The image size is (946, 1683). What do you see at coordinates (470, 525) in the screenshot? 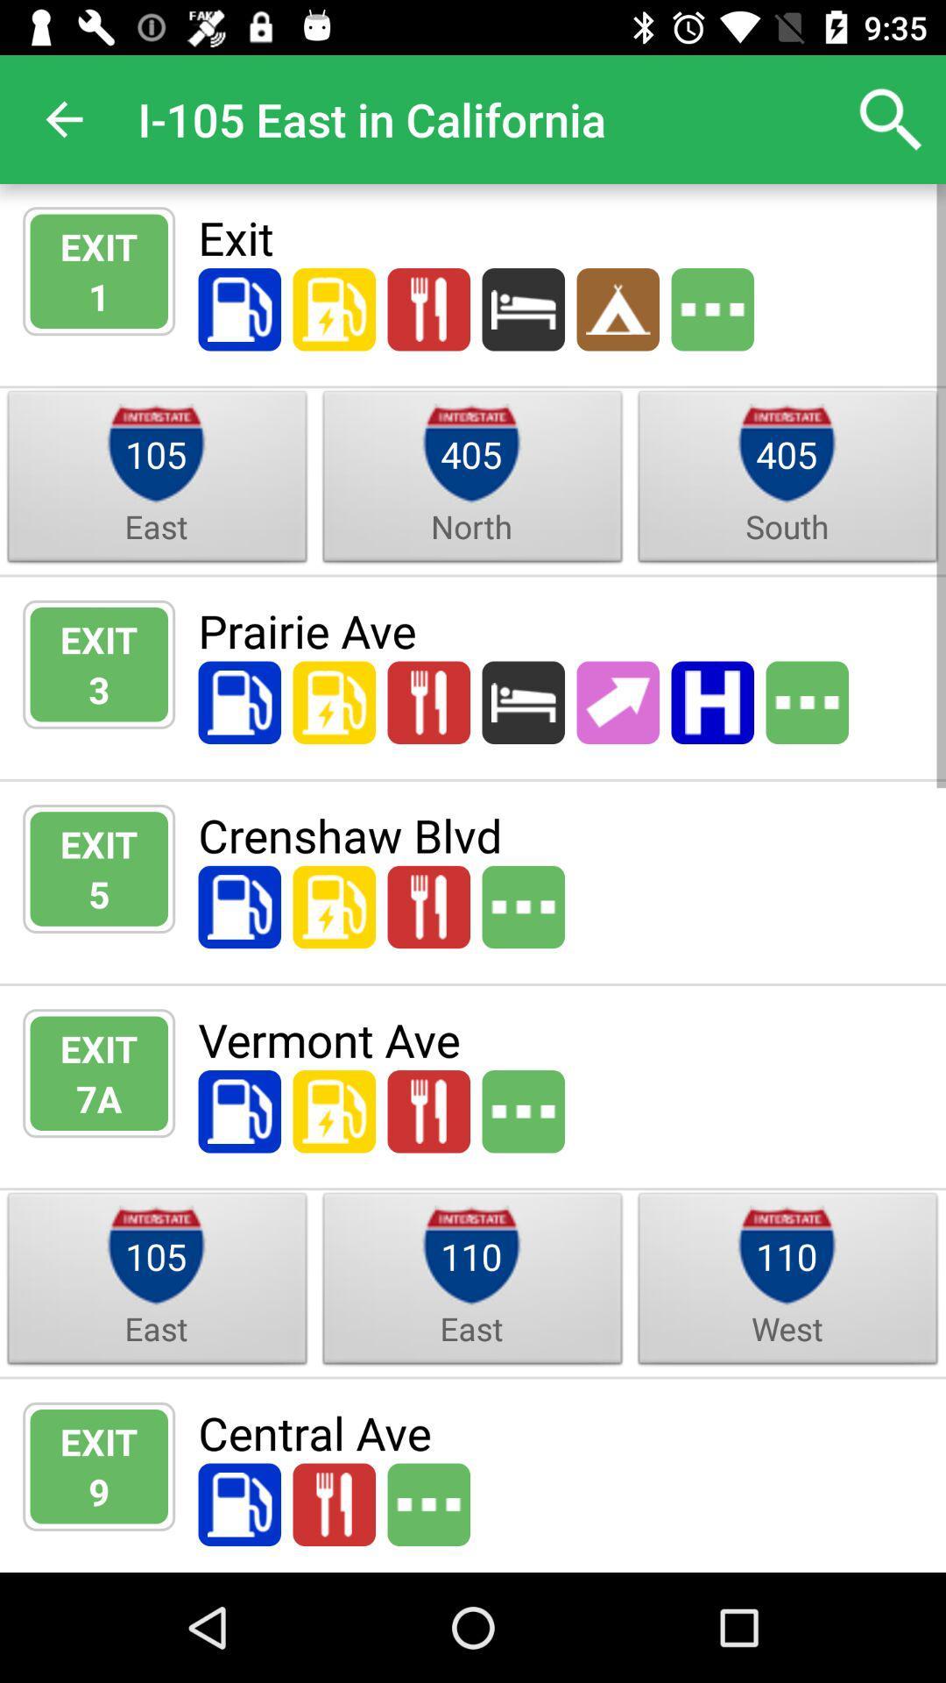
I see `north` at bounding box center [470, 525].